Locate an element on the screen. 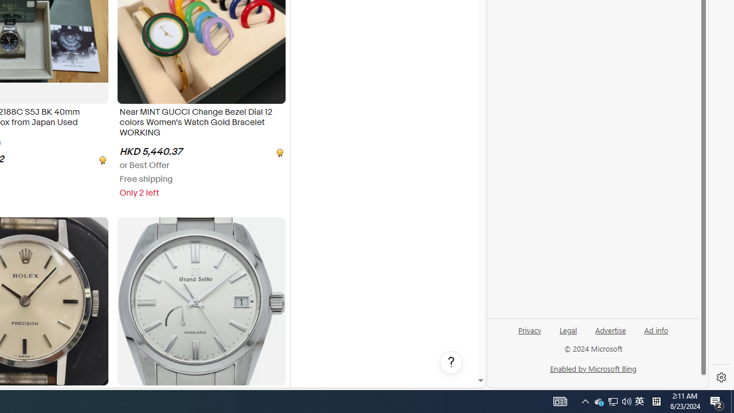  '[object Undefined]' is located at coordinates (279, 151).